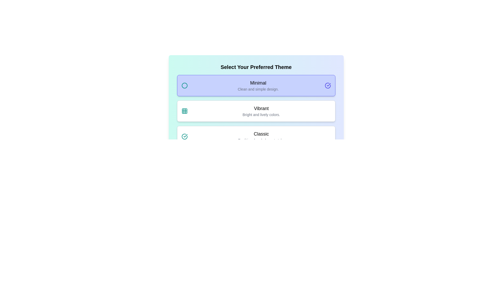 This screenshot has height=281, width=500. I want to click on the bold heading text labeled 'Classic', which is styled with a medium font-weight and large font size, located in the third option box under the title 'Select Your Preferred Theme', so click(261, 134).